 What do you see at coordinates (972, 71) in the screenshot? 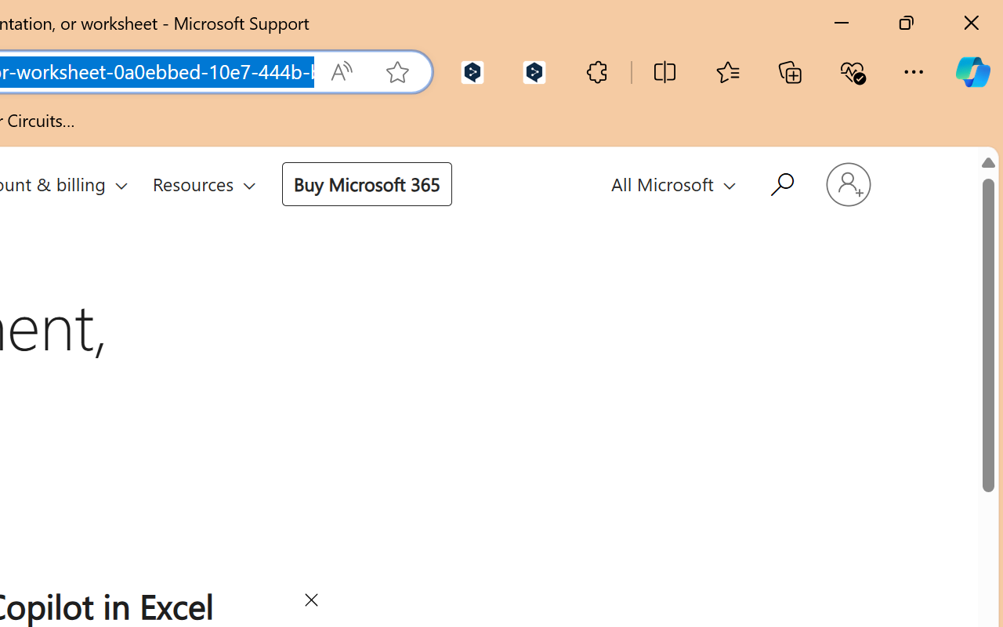
I see `'Copilot (Ctrl+Shift+.)'` at bounding box center [972, 71].